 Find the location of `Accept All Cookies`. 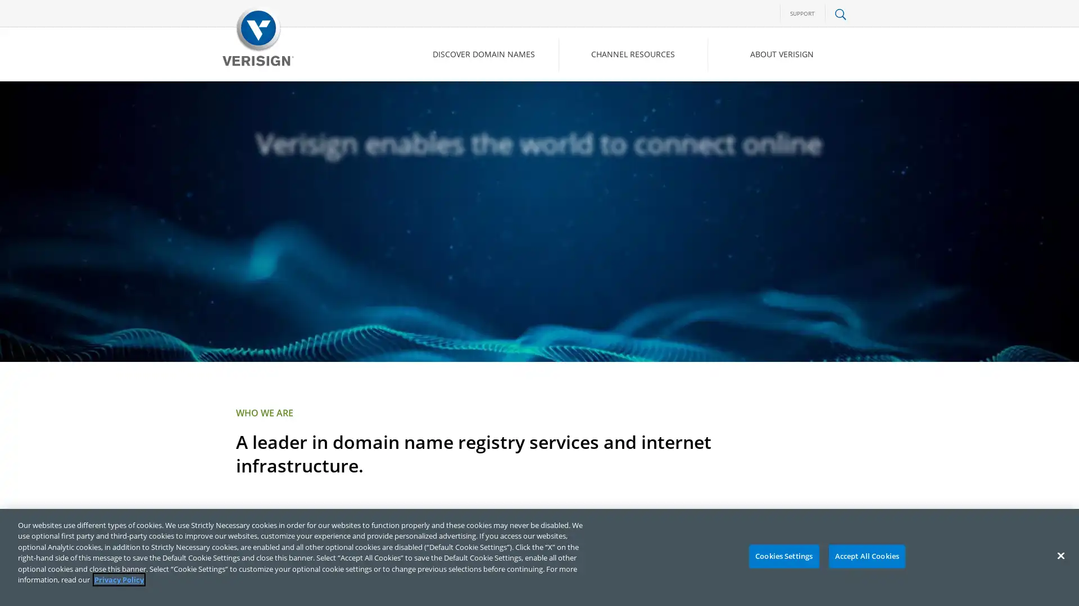

Accept All Cookies is located at coordinates (866, 556).